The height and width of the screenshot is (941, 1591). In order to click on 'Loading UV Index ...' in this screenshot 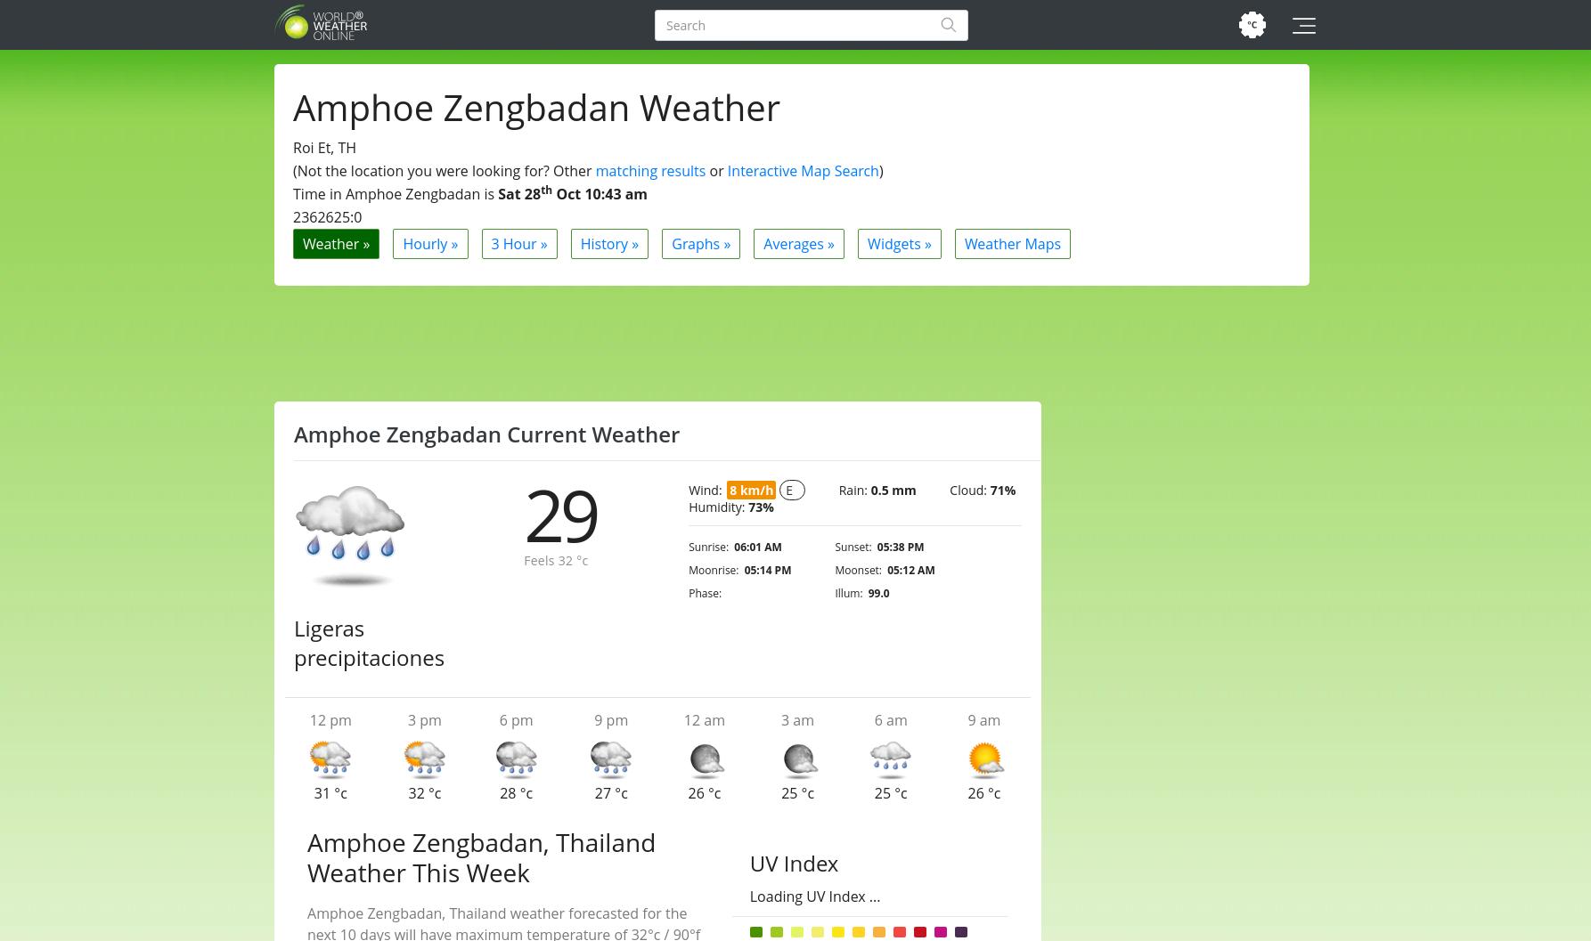, I will do `click(814, 896)`.